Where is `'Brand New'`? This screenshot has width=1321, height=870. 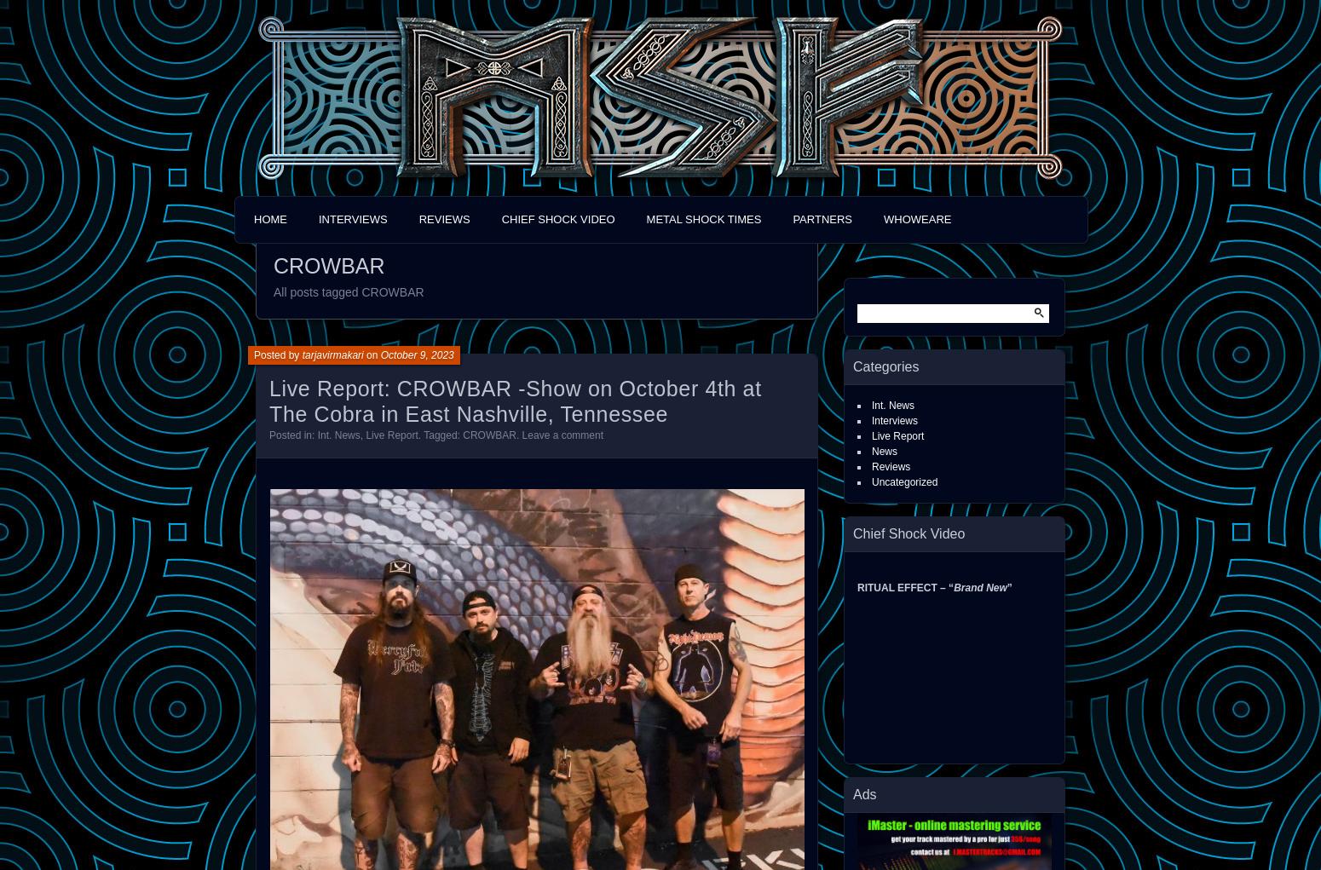 'Brand New' is located at coordinates (978, 587).